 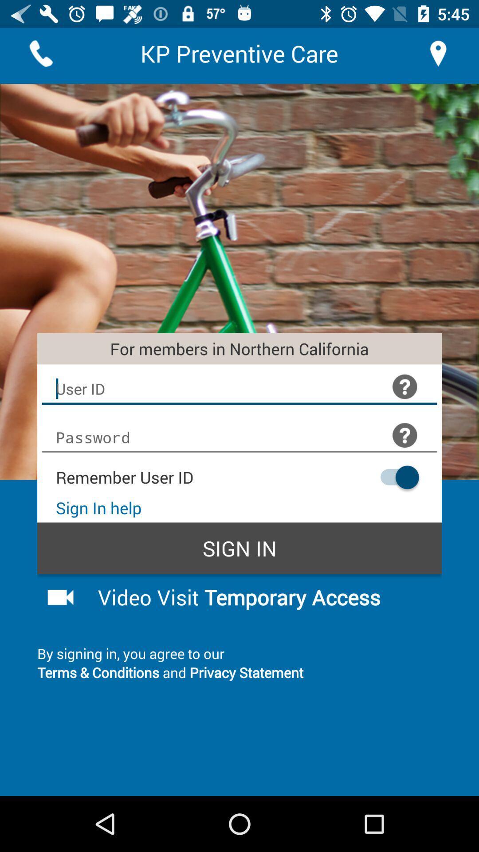 What do you see at coordinates (395, 477) in the screenshot?
I see `icon to the right of remember user id item` at bounding box center [395, 477].